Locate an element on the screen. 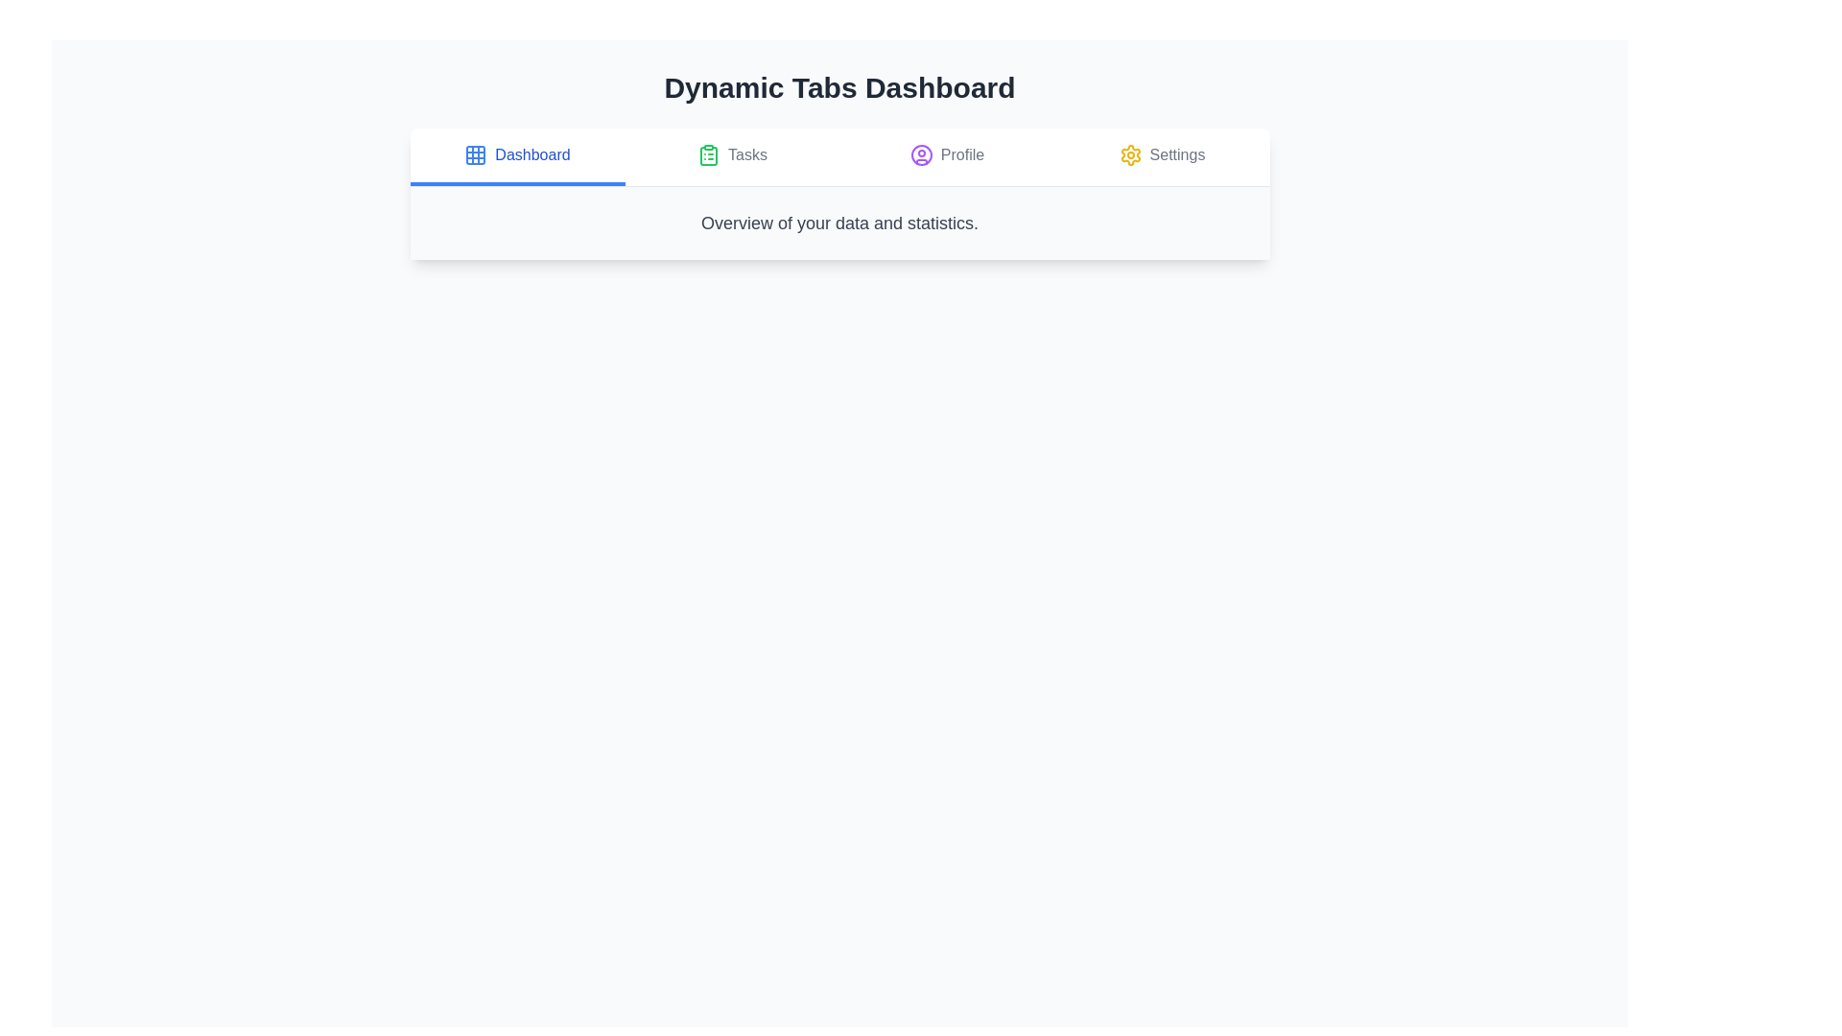  the 'Dashboard' tab button located at the leftmost side of the navigation bar is located at coordinates (517, 156).